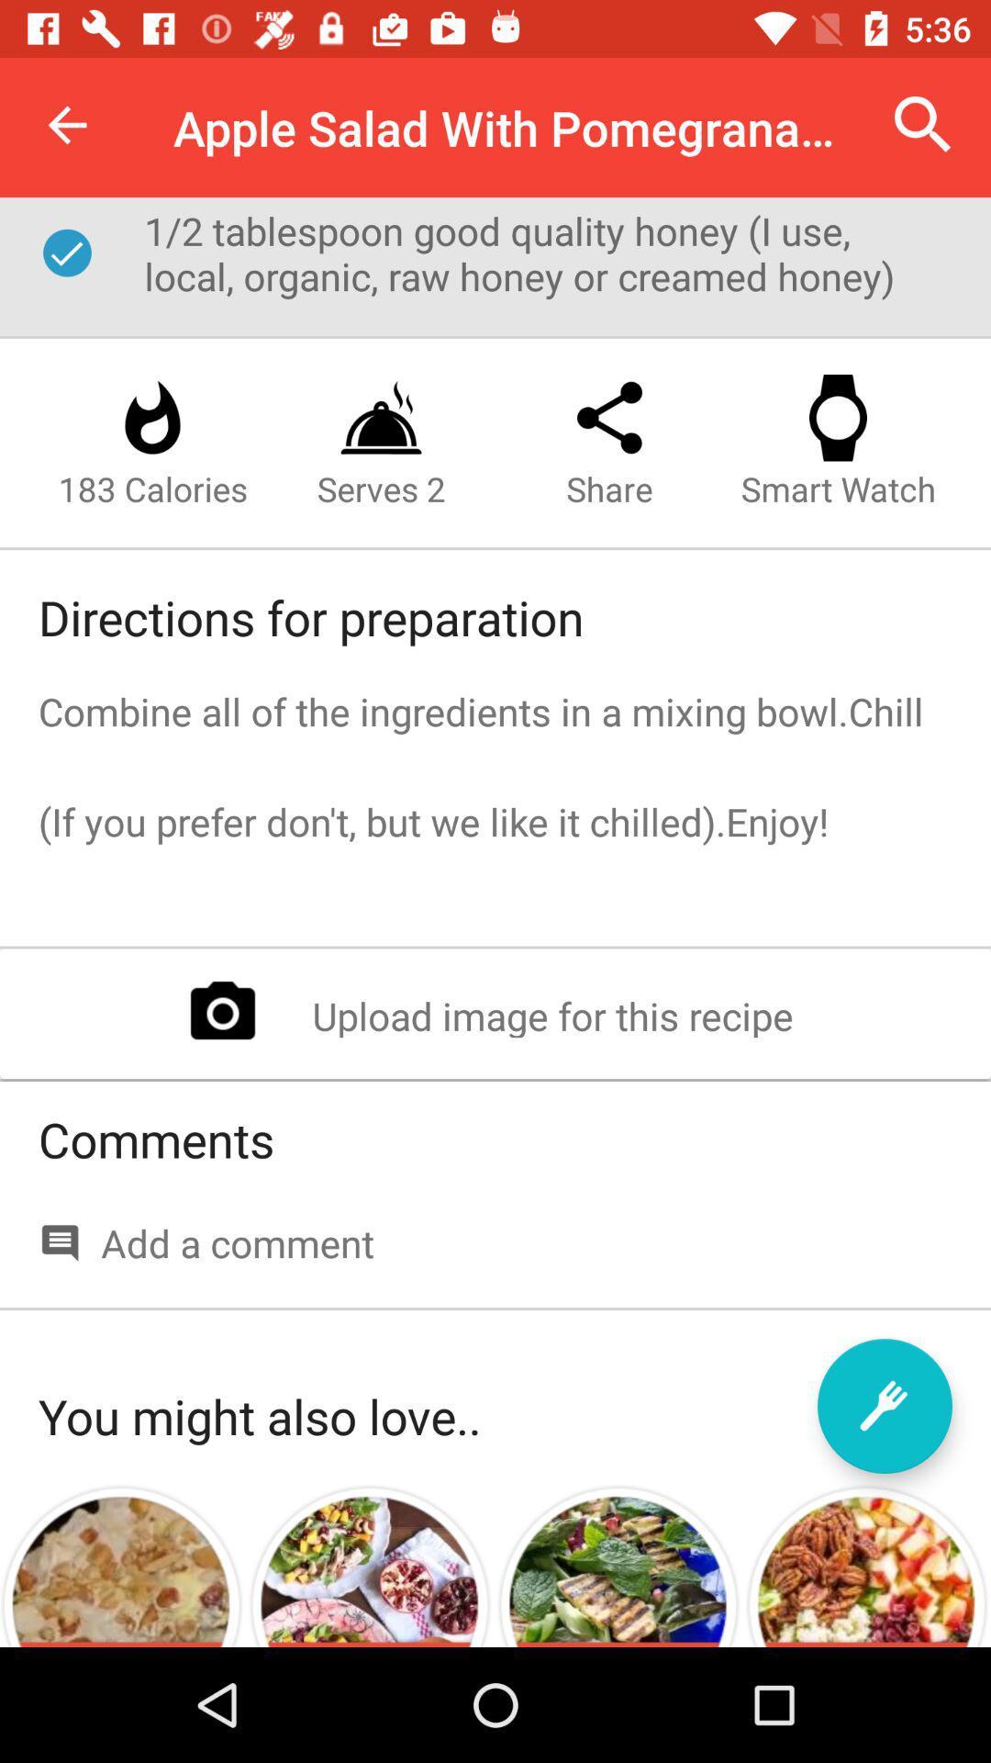 The image size is (991, 1763). Describe the element at coordinates (923, 124) in the screenshot. I see `icon next to apple salad with item` at that location.